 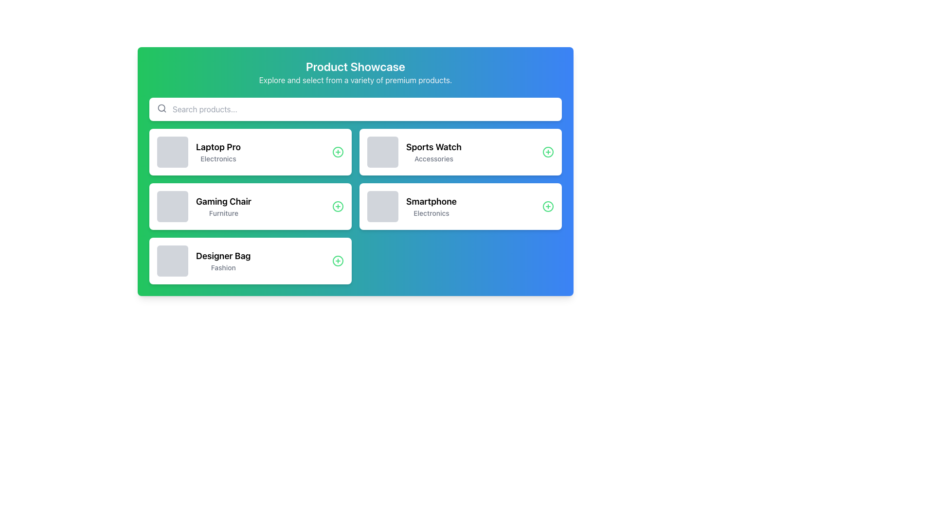 I want to click on text content of the 'Sports Watch' label, which is bold and located to the right of a gray square image, within a white, rounded rectangle in the interface, so click(x=414, y=152).